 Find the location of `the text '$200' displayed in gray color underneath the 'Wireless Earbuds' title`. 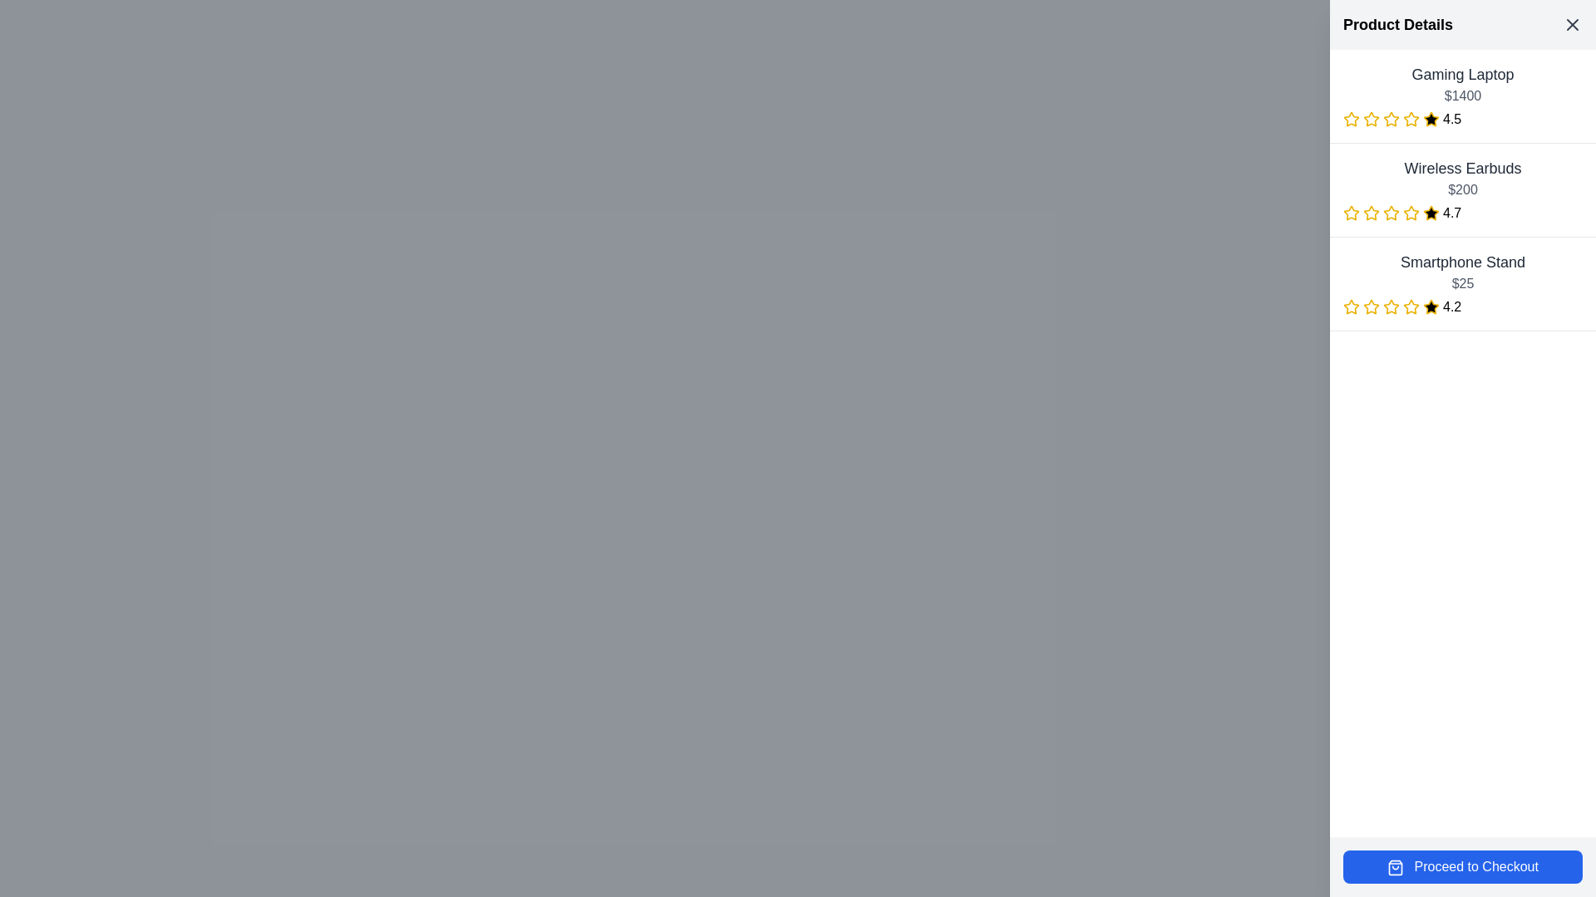

the text '$200' displayed in gray color underneath the 'Wireless Earbuds' title is located at coordinates (1463, 189).